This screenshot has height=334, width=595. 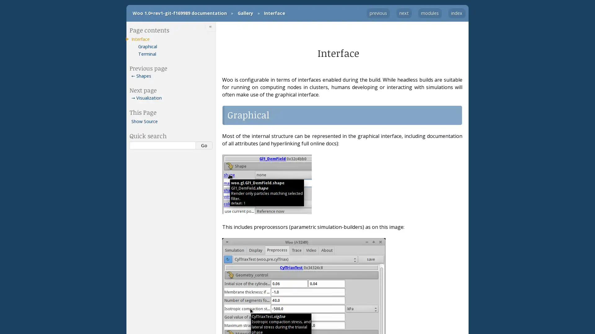 What do you see at coordinates (204, 145) in the screenshot?
I see `Go` at bounding box center [204, 145].